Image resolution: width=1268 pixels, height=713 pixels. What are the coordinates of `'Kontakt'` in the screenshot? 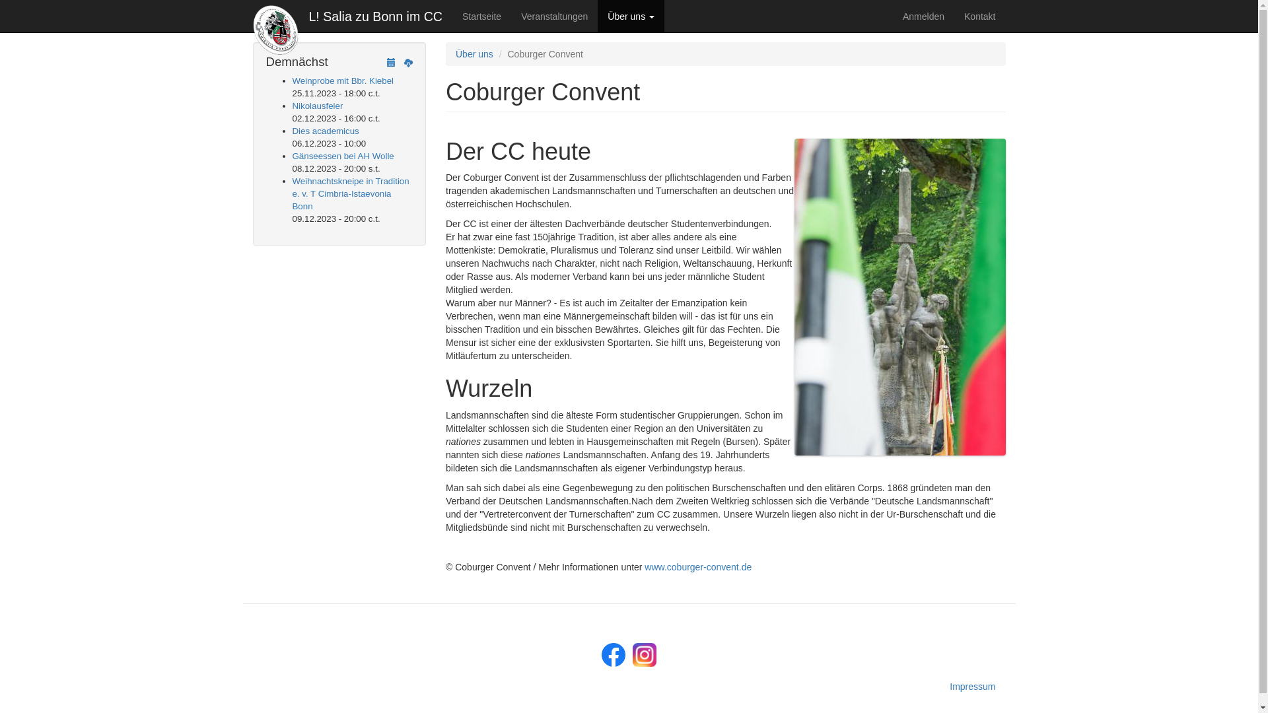 It's located at (954, 16).